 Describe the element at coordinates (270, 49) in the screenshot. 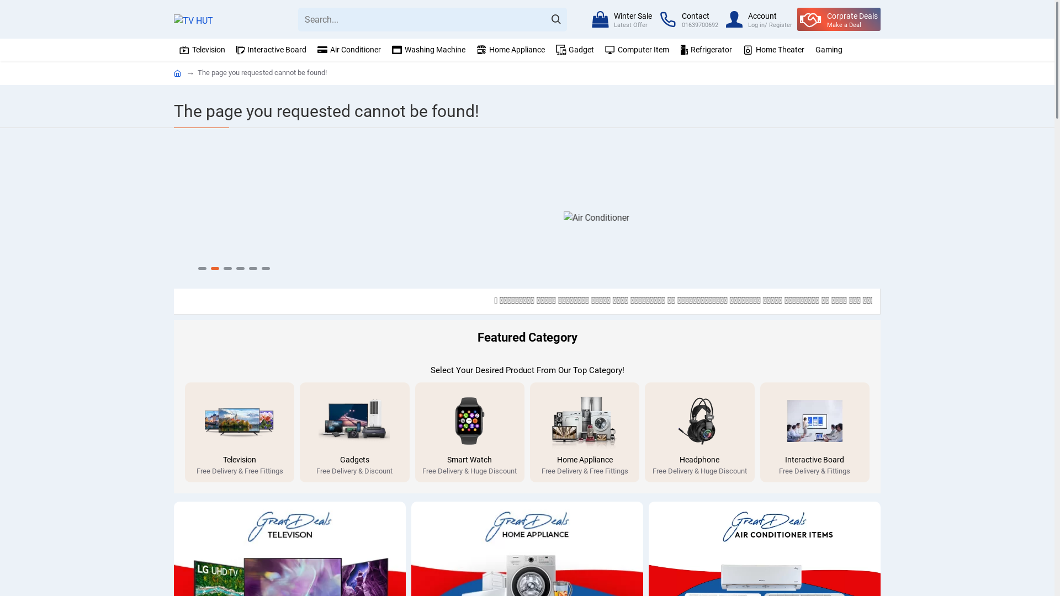

I see `'Interactive Board'` at that location.